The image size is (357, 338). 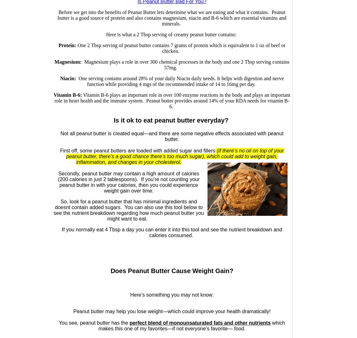 I want to click on 'Not all peanut butter is created equal—and there are some negative effects associated with peanut butter.', so click(x=171, y=136).